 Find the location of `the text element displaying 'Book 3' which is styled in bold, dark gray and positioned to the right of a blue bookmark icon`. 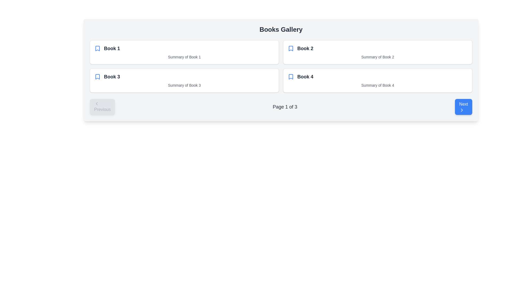

the text element displaying 'Book 3' which is styled in bold, dark gray and positioned to the right of a blue bookmark icon is located at coordinates (112, 77).